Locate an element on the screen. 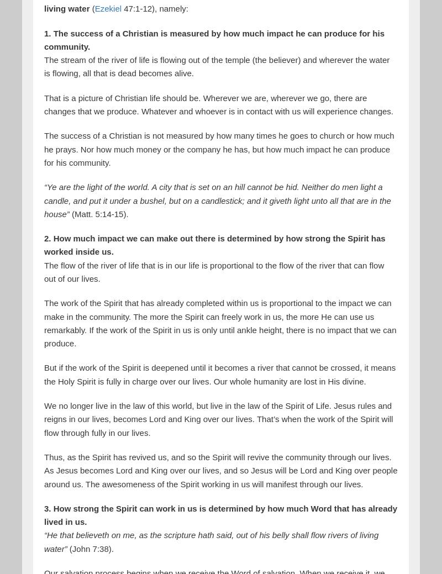 Image resolution: width=442 pixels, height=574 pixels. 'That is a picture of Christian life should be. Wherever we are, wherever we go, there are changes that we produce. Whatever and whoever is in contact with us will experience changes.' is located at coordinates (218, 104).